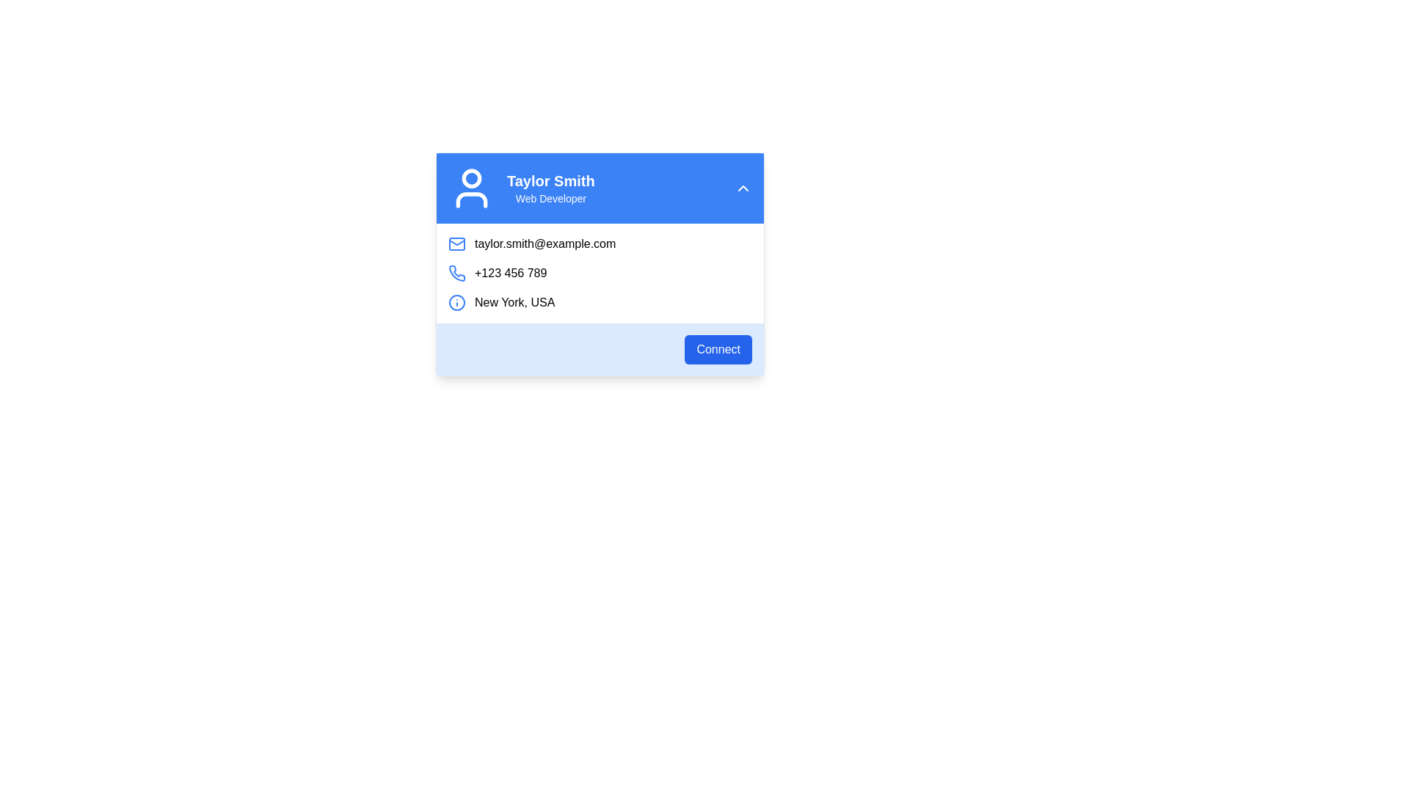 This screenshot has height=792, width=1409. What do you see at coordinates (456, 243) in the screenshot?
I see `the SVG rectangle representing the envelope icon, which is styled as a hollow rectangle and serves as the background of the envelope graphic` at bounding box center [456, 243].